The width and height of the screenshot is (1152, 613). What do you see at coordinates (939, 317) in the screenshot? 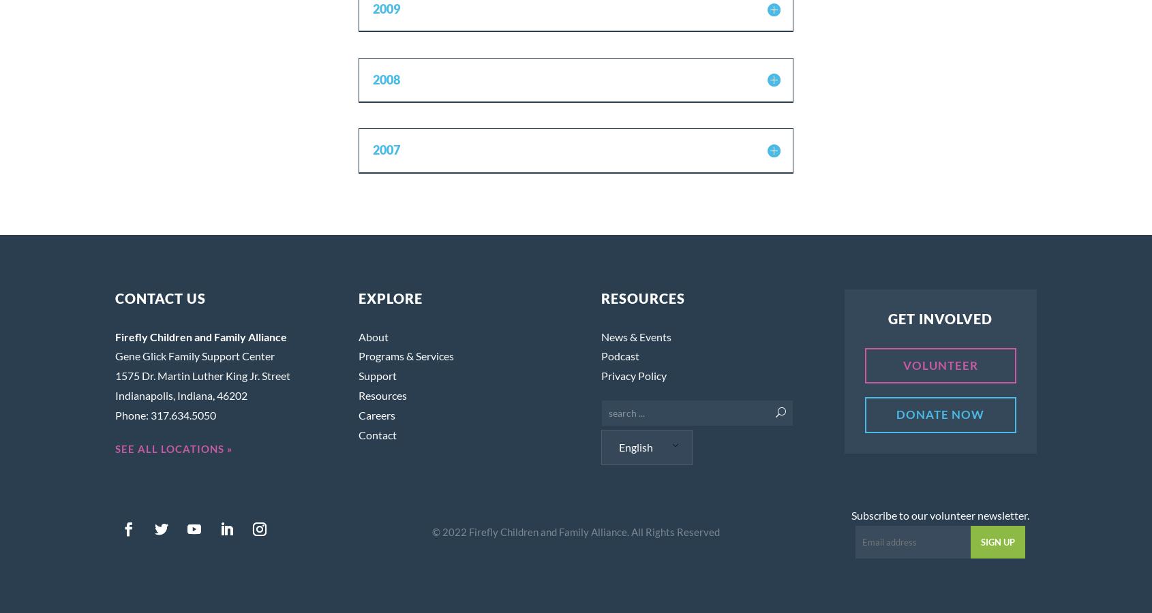
I see `'Get Involved'` at bounding box center [939, 317].